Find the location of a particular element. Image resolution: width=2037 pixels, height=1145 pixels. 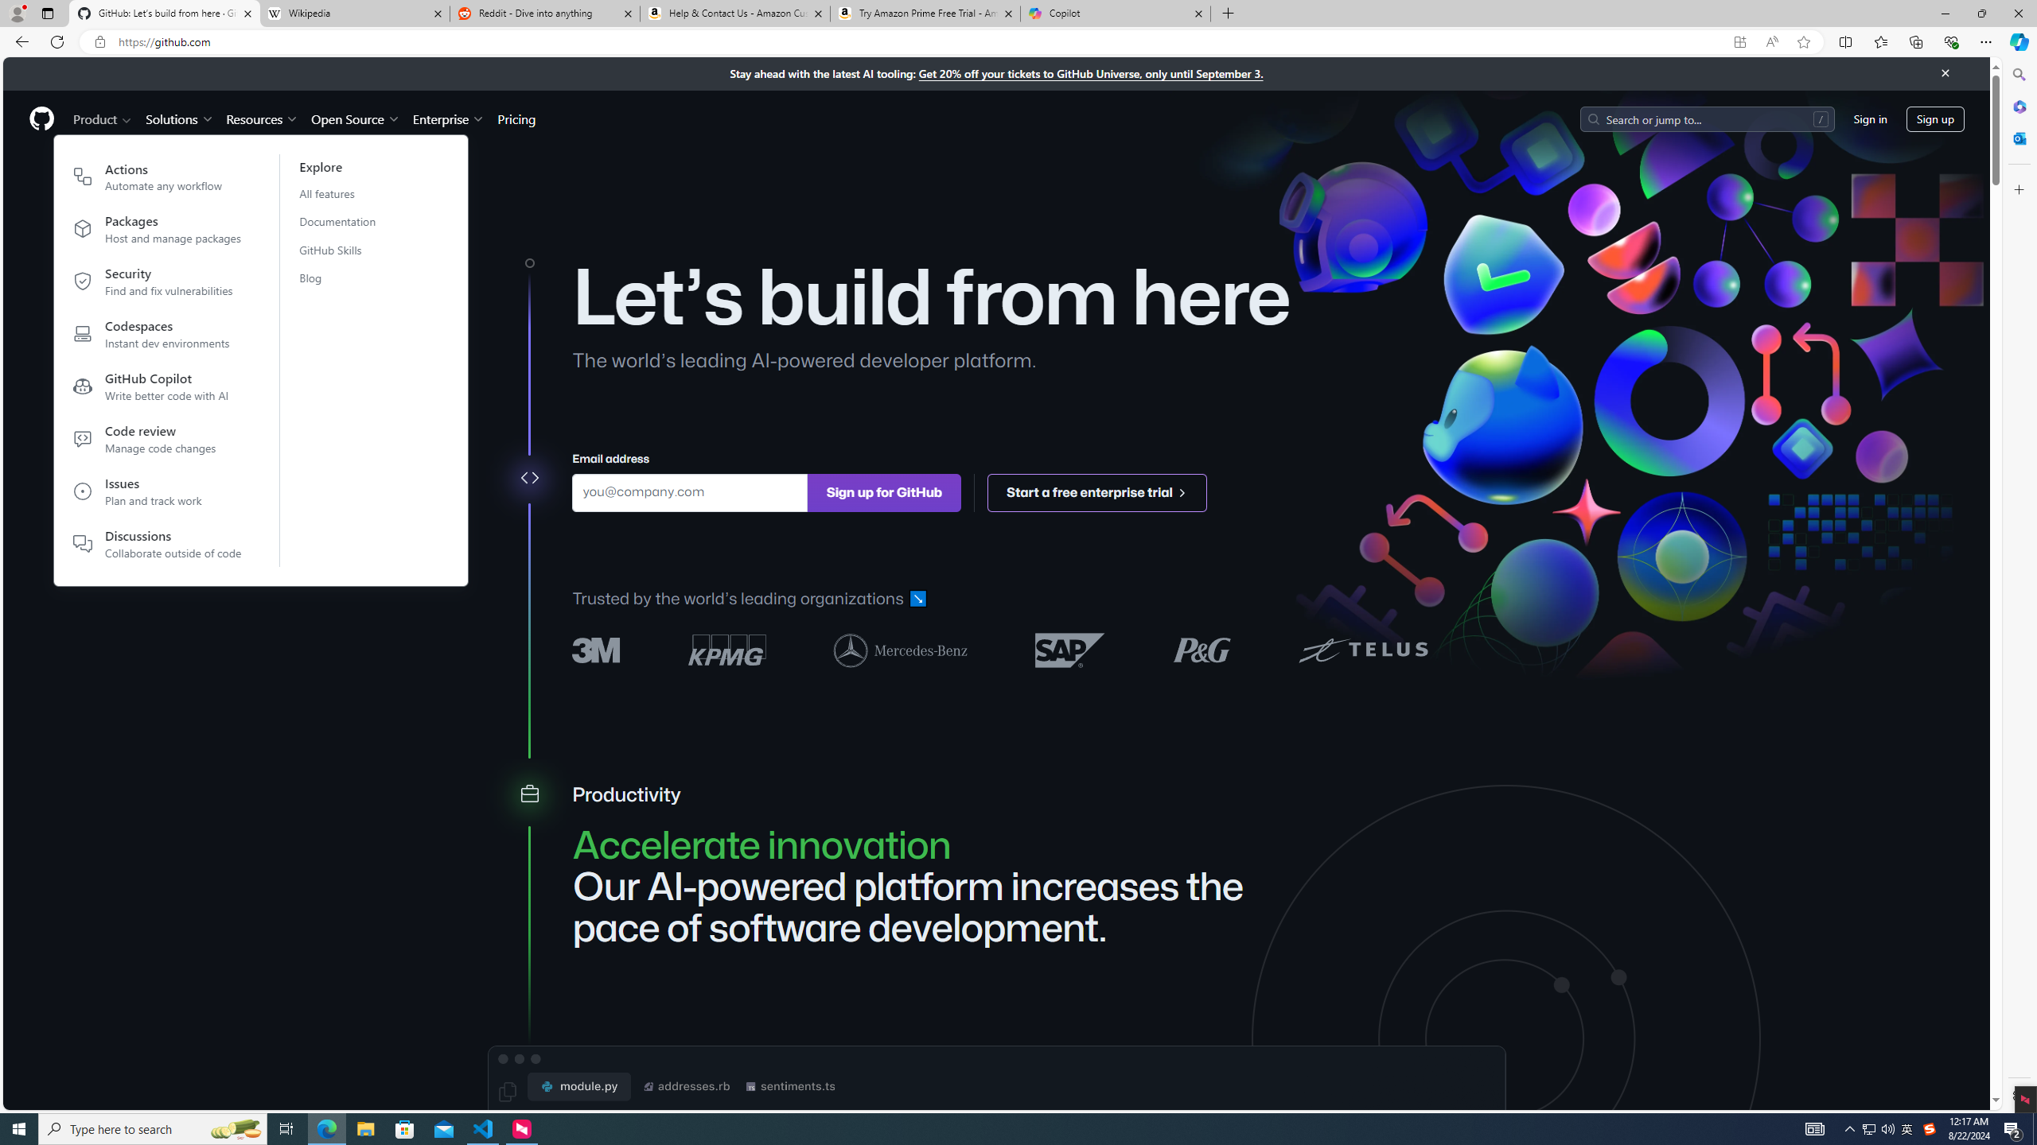

'Telus logo' is located at coordinates (1362, 649).